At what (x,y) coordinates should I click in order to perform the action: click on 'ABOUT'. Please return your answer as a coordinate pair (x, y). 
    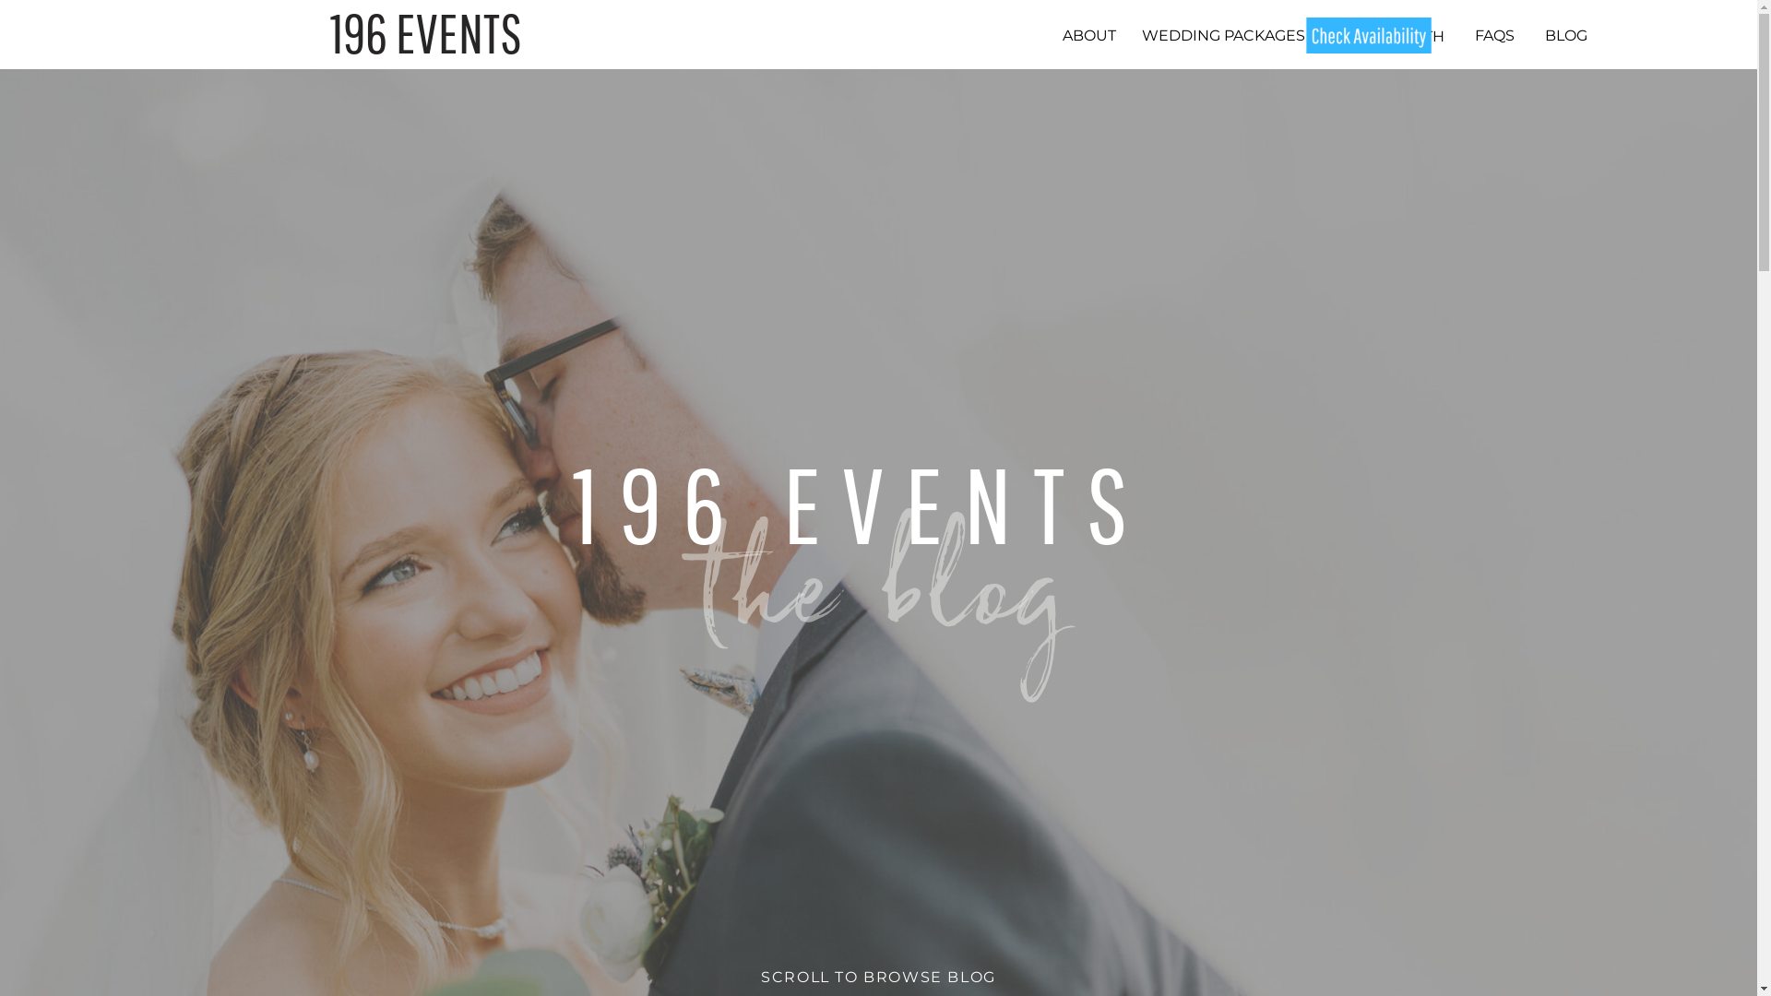
    Looking at the image, I should click on (1088, 35).